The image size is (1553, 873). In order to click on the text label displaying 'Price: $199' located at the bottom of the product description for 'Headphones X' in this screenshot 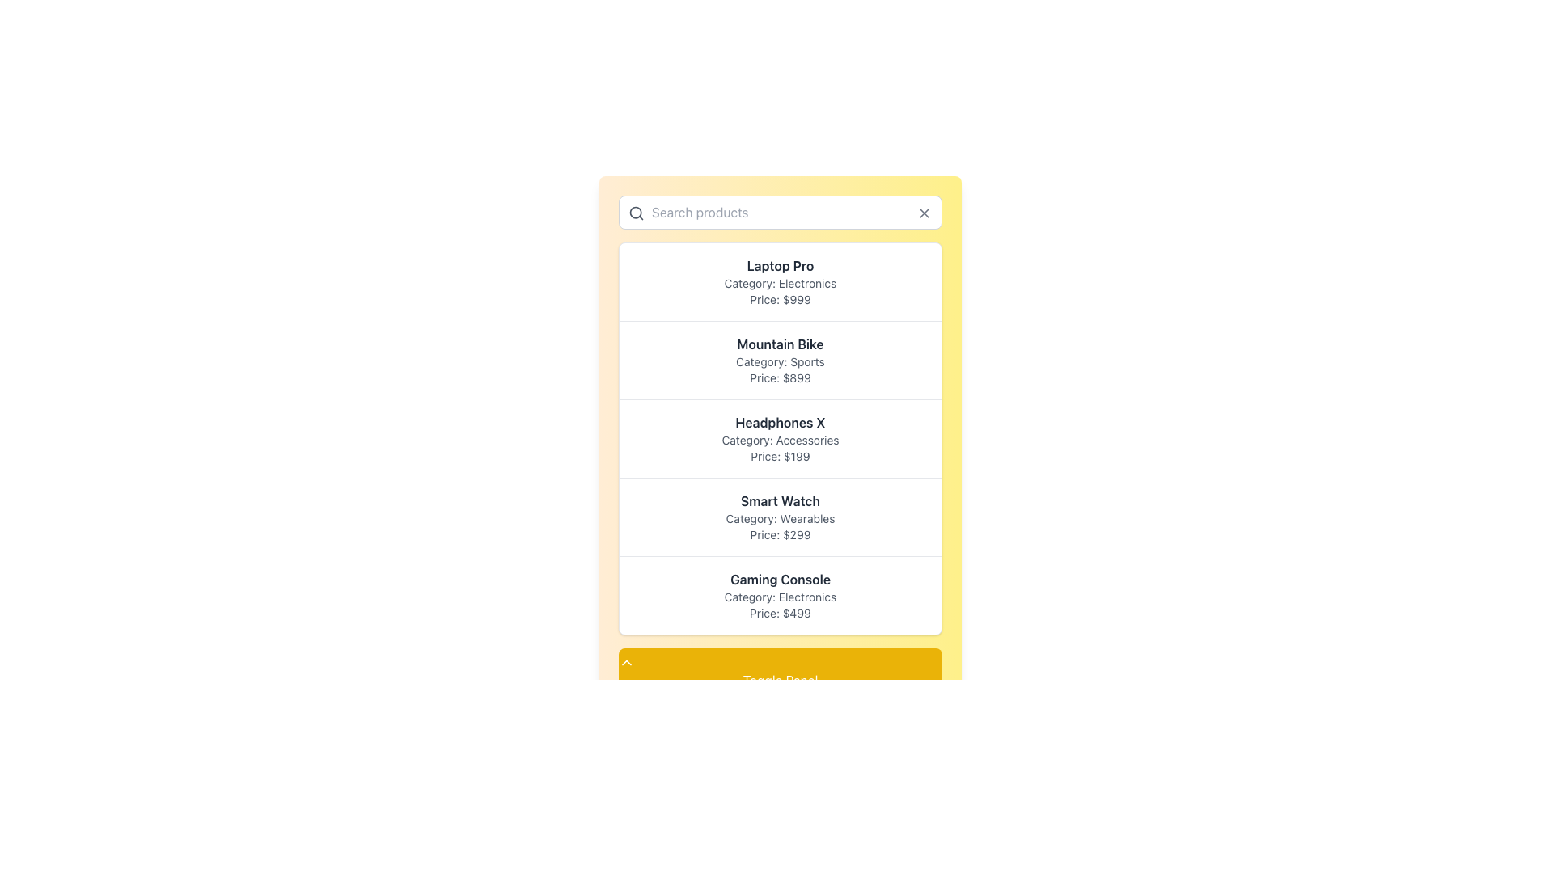, I will do `click(780, 456)`.